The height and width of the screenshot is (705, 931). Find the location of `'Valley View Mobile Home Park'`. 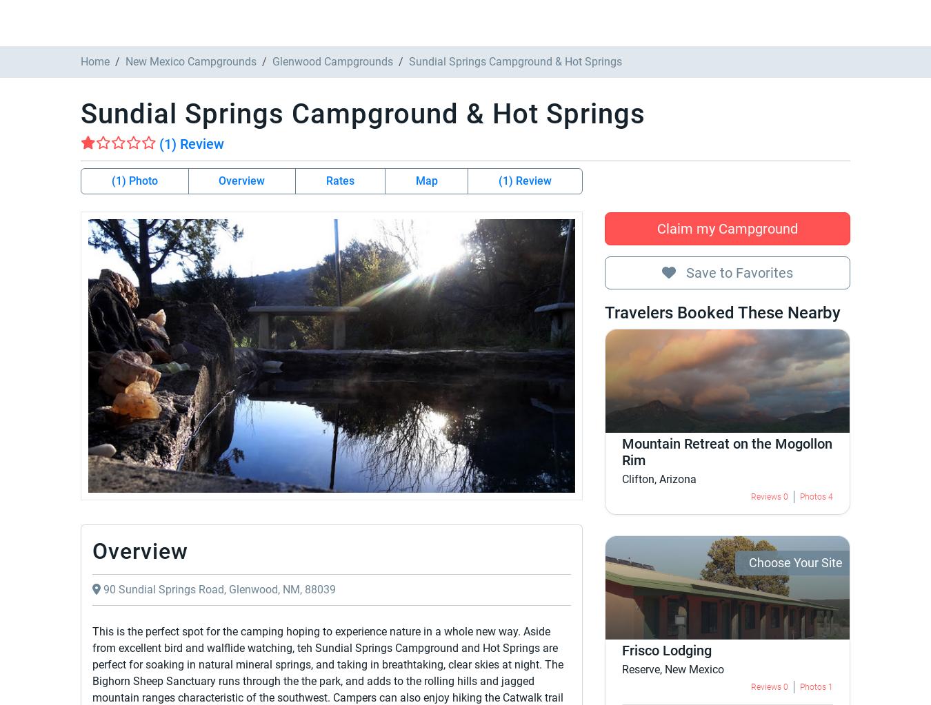

'Valley View Mobile Home Park' is located at coordinates (110, 673).